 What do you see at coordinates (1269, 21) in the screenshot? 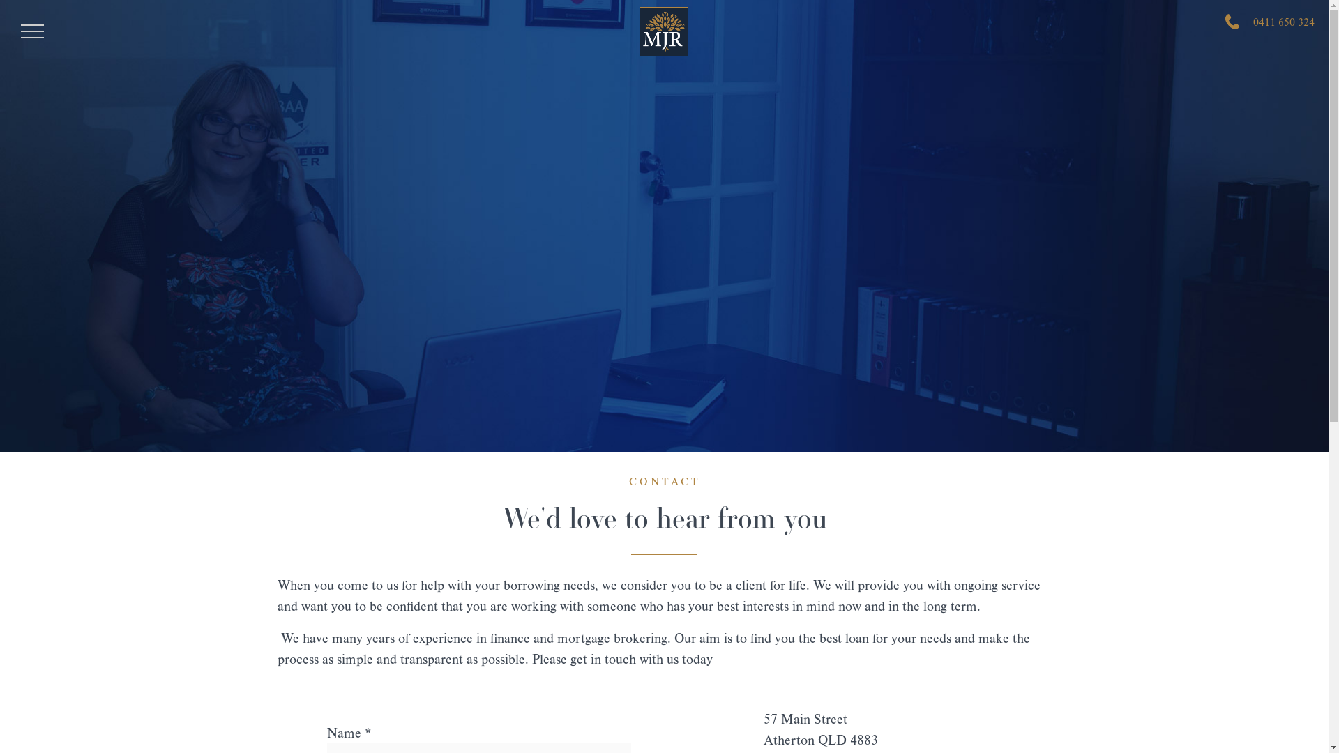
I see `'0411 650 324'` at bounding box center [1269, 21].